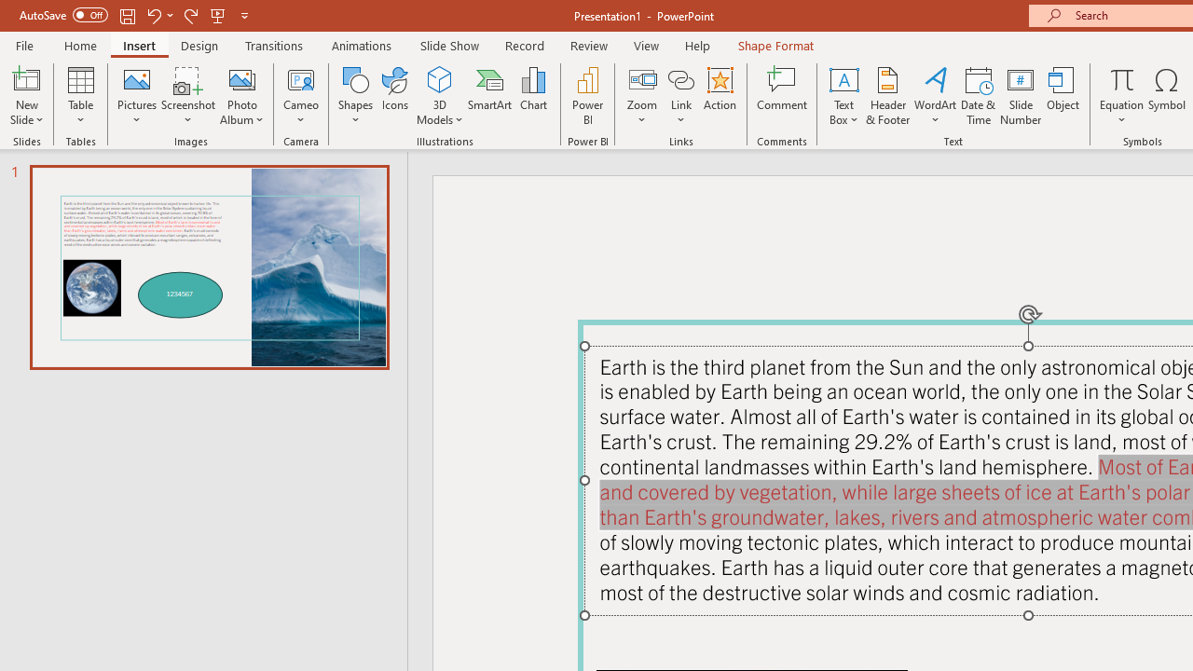  Describe the element at coordinates (532, 96) in the screenshot. I see `'Chart...'` at that location.